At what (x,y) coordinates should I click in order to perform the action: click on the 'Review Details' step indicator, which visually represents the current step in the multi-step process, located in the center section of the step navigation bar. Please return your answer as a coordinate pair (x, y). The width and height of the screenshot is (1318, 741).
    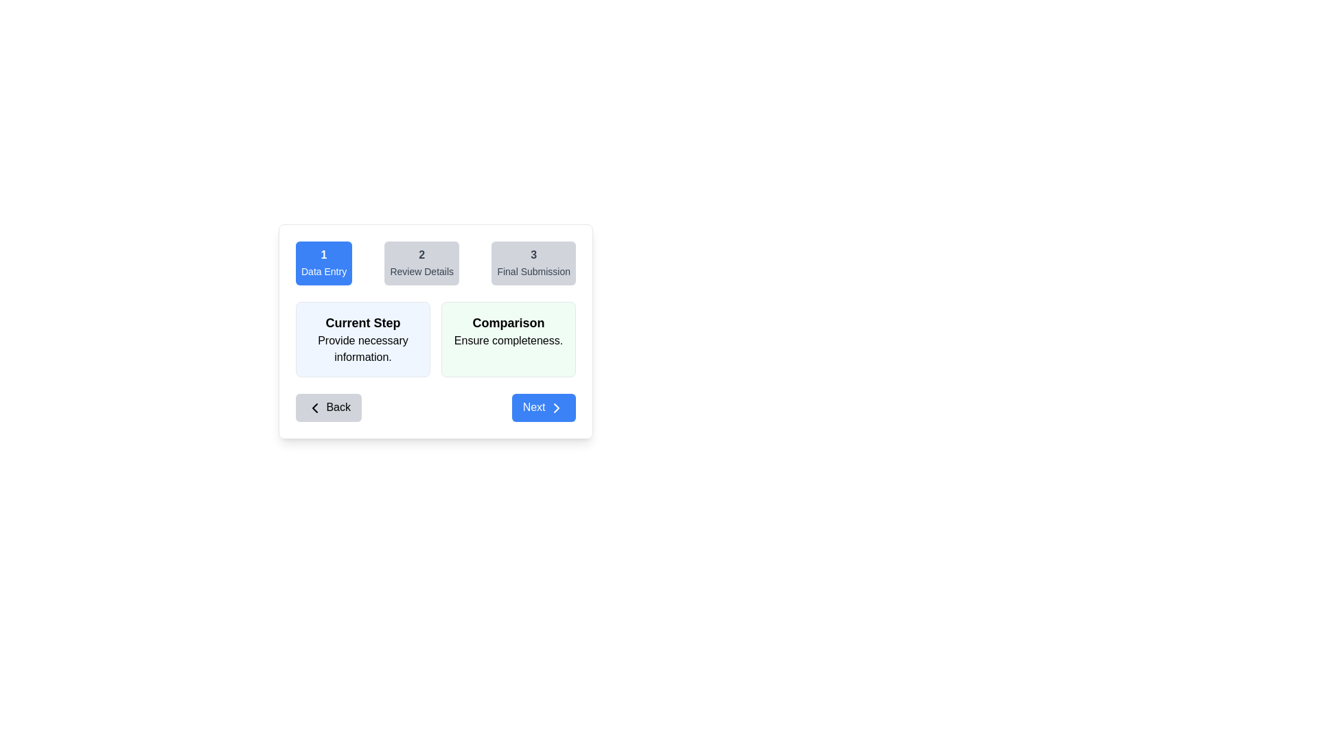
    Looking at the image, I should click on (421, 255).